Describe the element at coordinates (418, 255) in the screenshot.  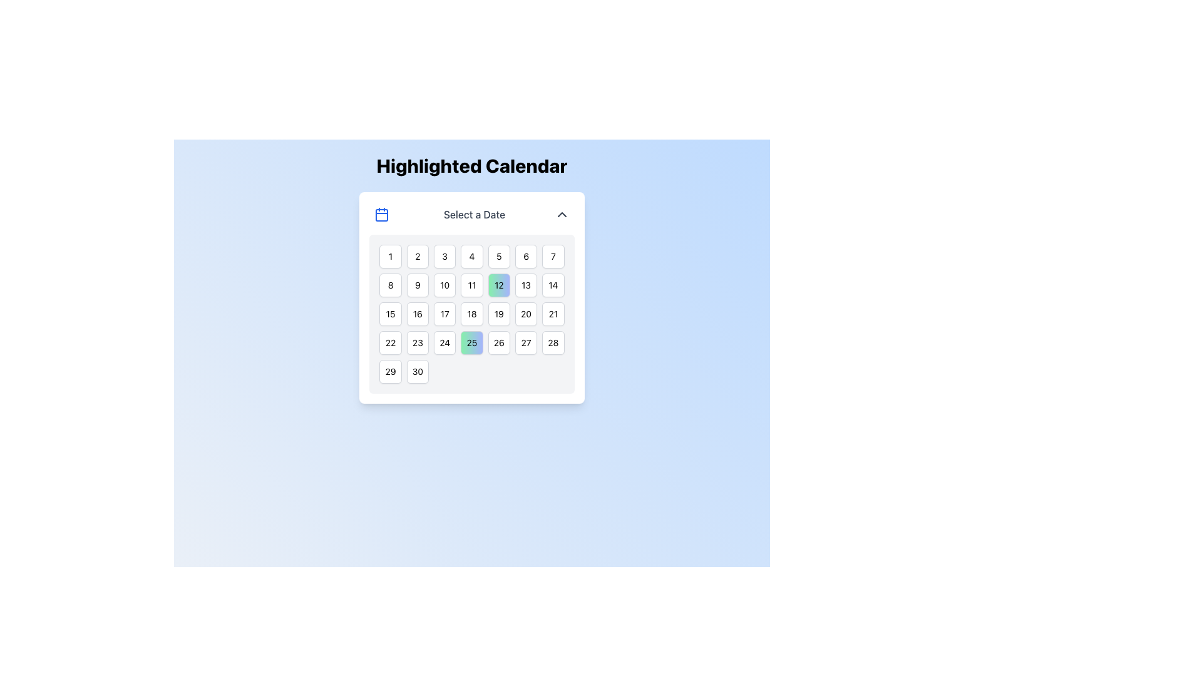
I see `the button labeled '2'` at that location.